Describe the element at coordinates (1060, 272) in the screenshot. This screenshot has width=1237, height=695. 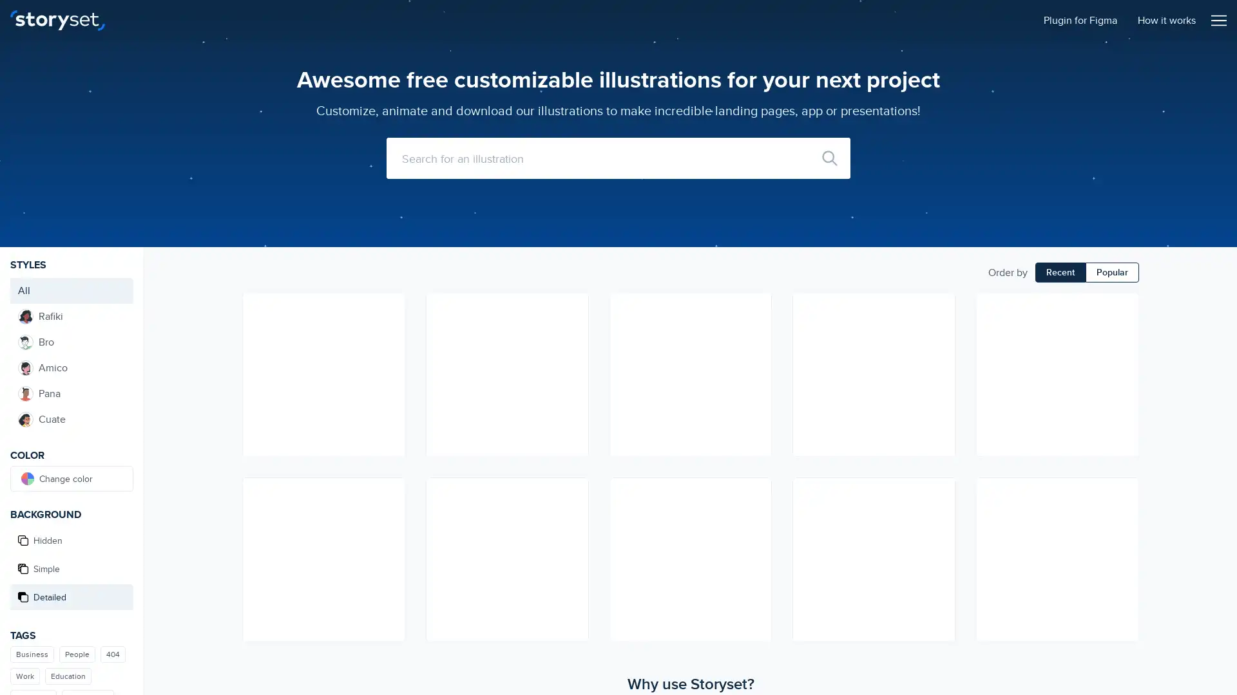
I see `Recent` at that location.